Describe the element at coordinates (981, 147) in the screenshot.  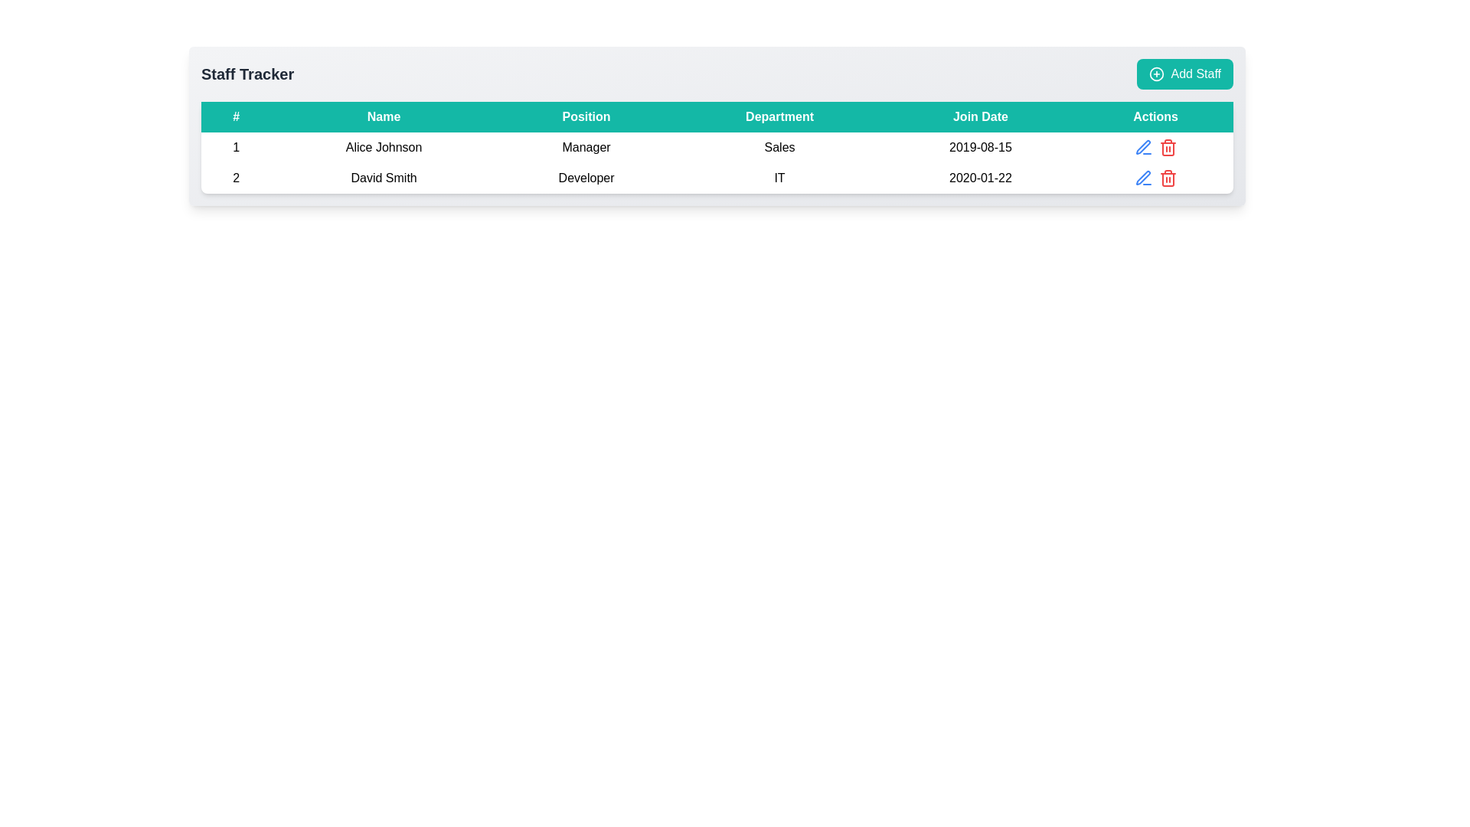
I see `the text element displaying '2019-08-15' in the 'Join Date' column of the data table` at that location.